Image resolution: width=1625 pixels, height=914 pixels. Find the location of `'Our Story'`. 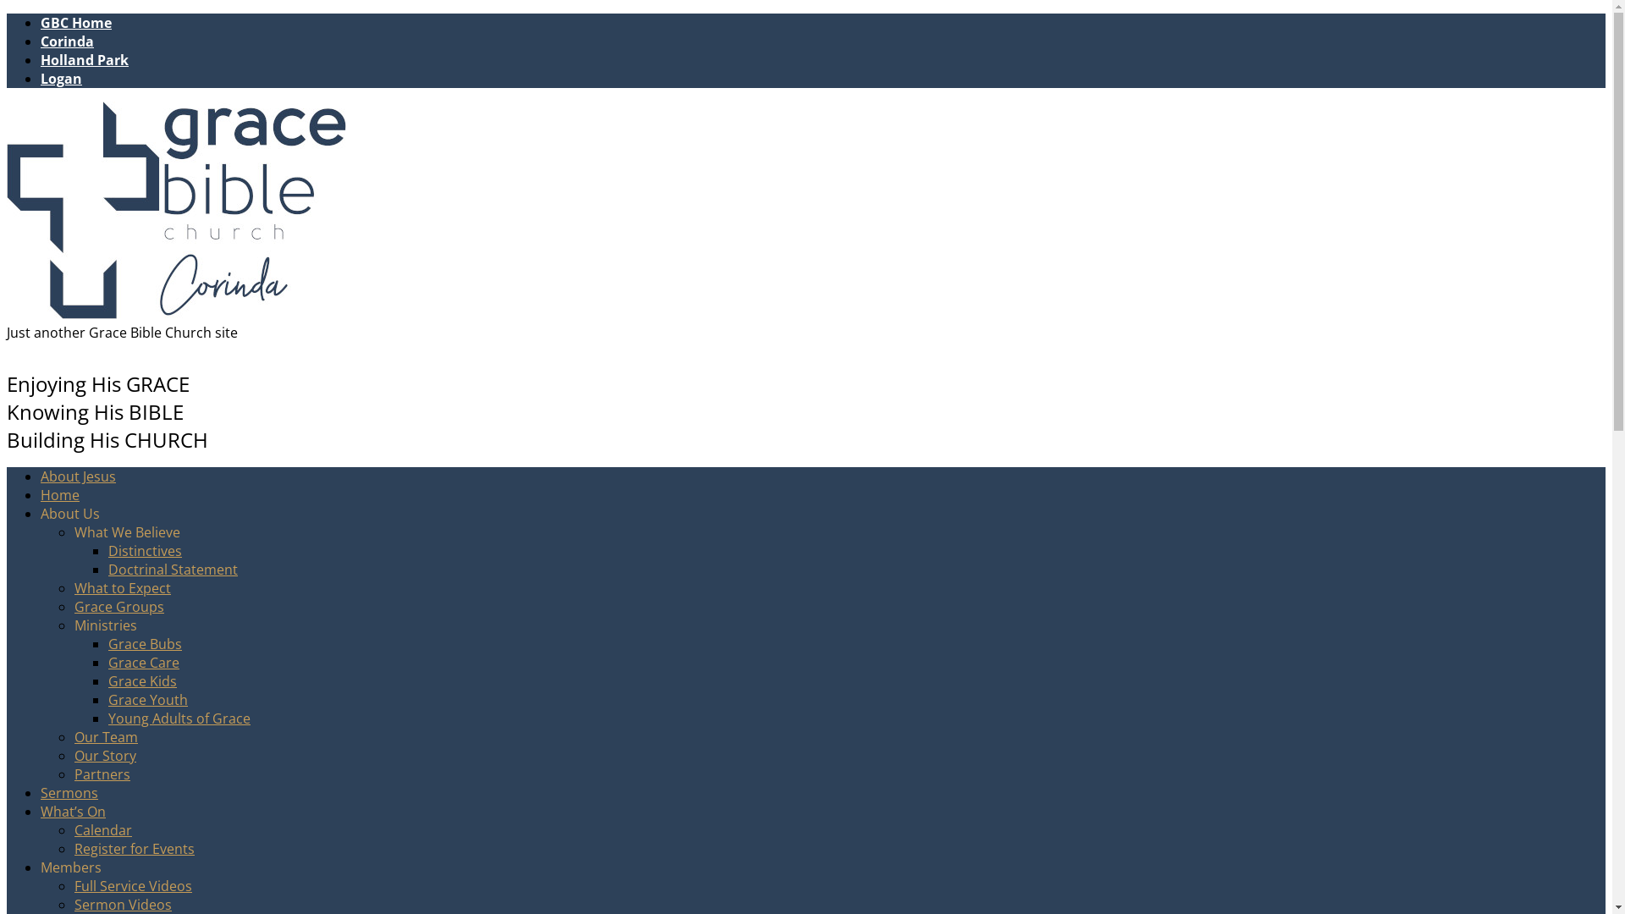

'Our Story' is located at coordinates (104, 755).